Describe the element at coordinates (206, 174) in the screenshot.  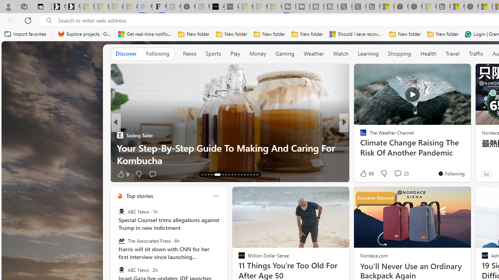
I see `'AutomationID: tab-14'` at that location.